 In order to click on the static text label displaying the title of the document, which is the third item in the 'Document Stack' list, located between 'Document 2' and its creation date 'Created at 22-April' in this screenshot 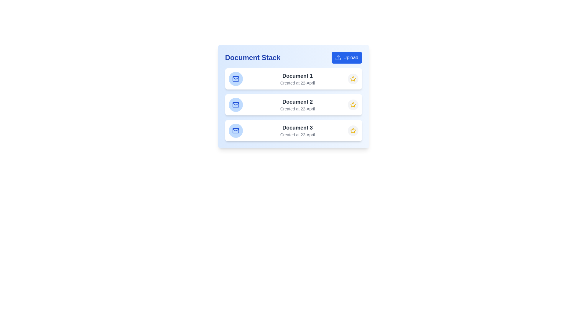, I will do `click(297, 127)`.